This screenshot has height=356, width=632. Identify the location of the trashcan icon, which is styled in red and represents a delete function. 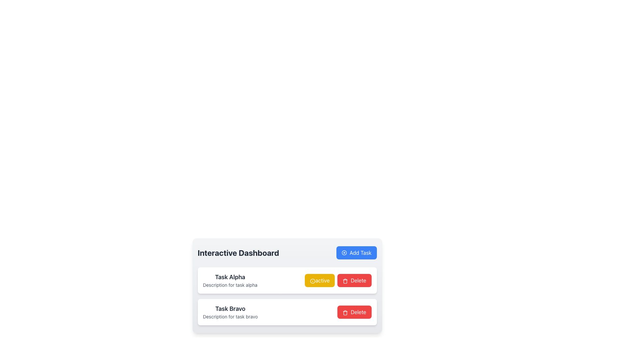
(345, 312).